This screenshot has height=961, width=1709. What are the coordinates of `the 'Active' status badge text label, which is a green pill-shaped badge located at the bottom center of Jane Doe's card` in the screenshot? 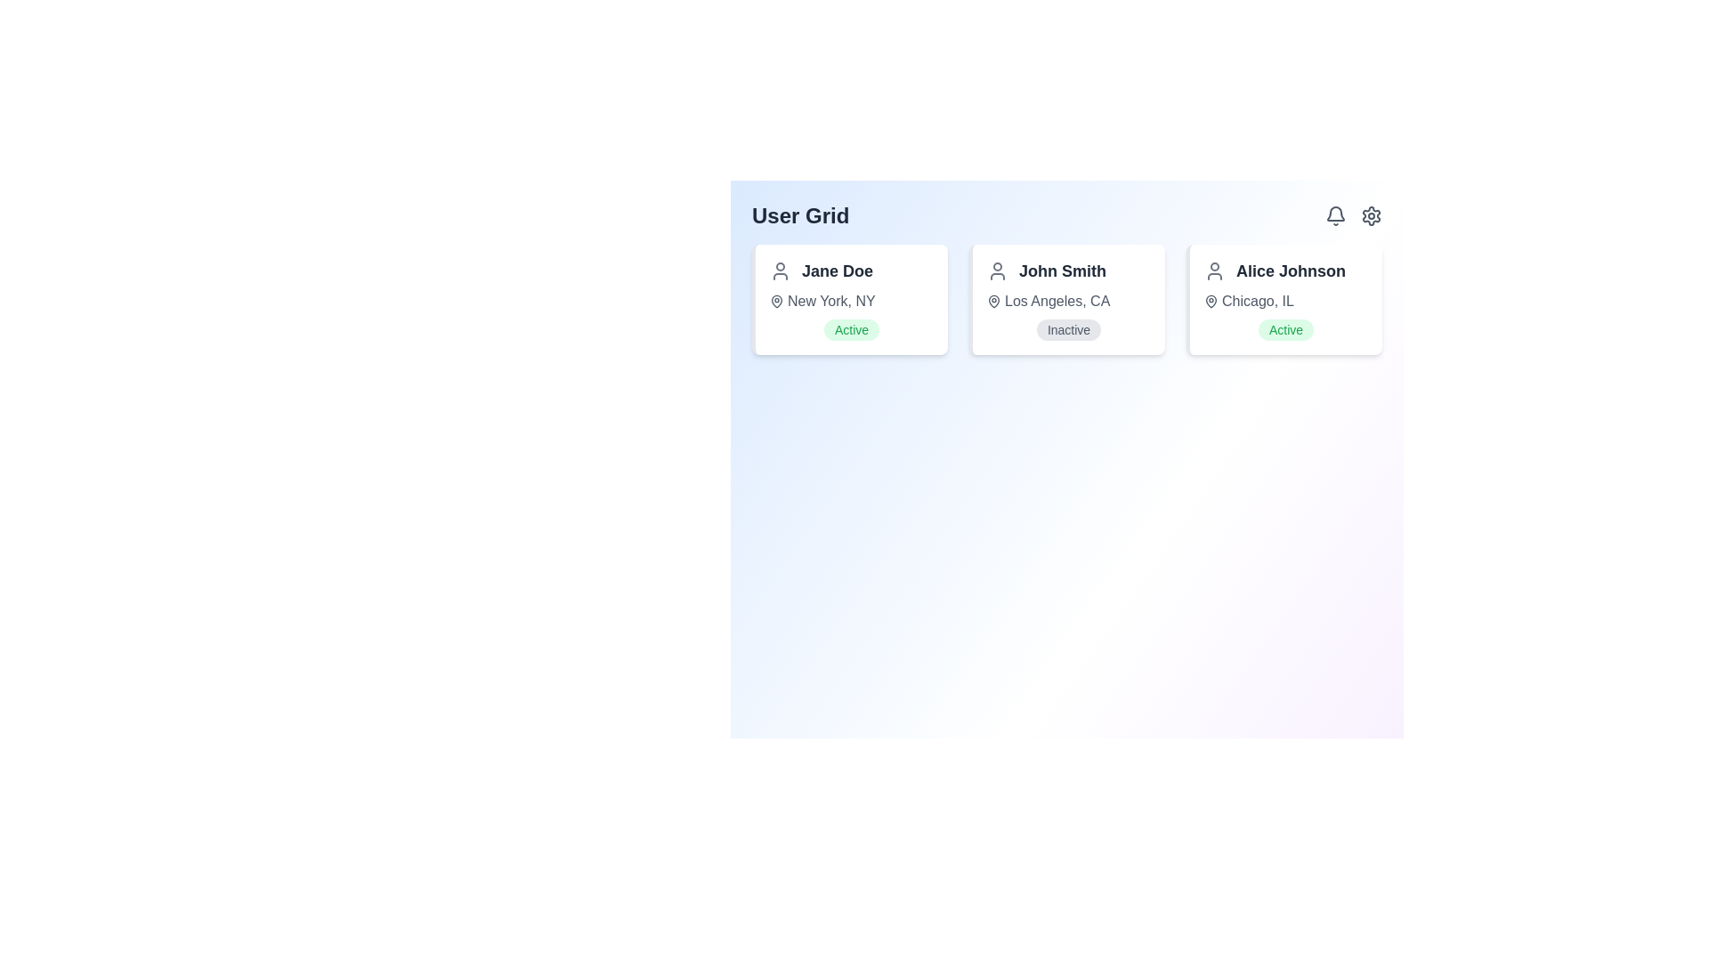 It's located at (850, 329).